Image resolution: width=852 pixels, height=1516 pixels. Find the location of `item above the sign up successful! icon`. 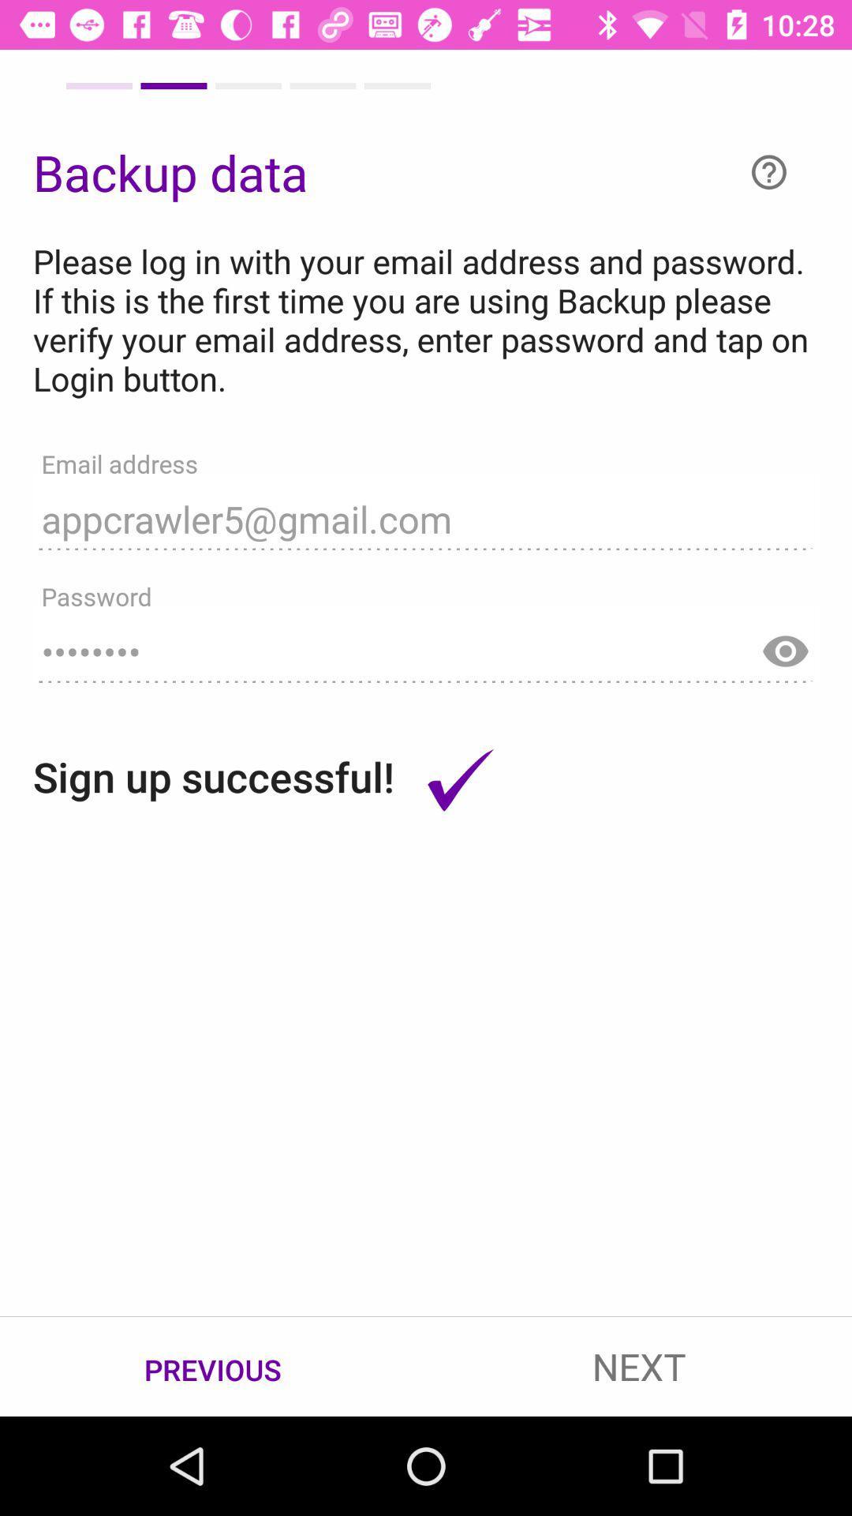

item above the sign up successful! icon is located at coordinates (426, 644).